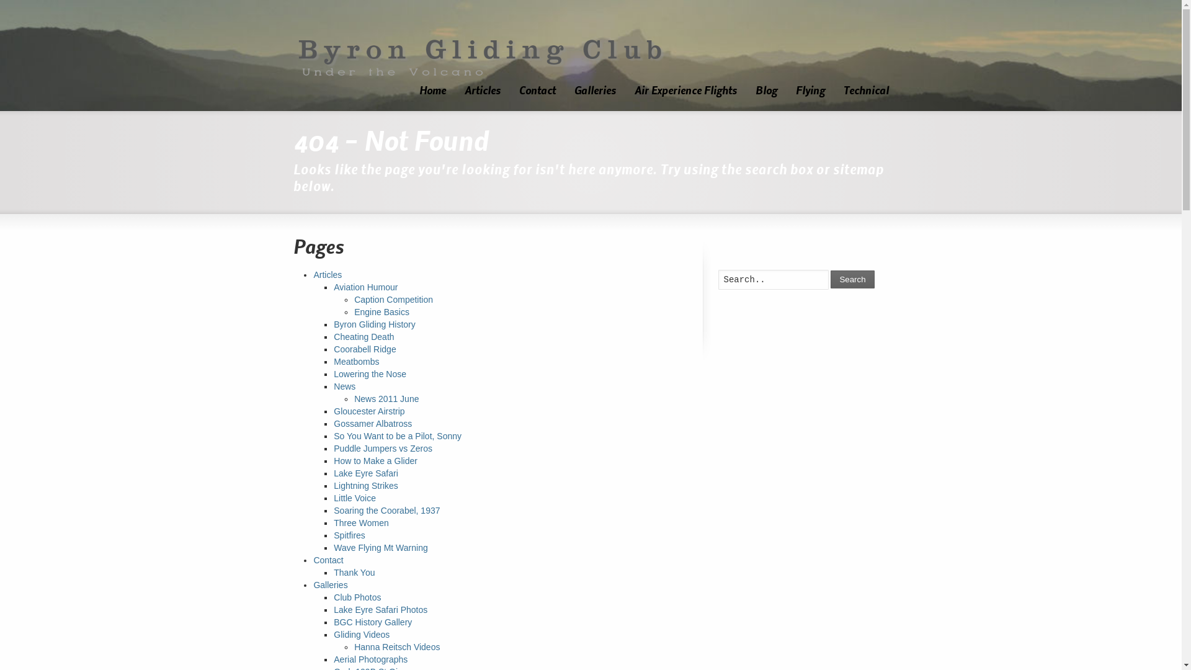 Image resolution: width=1191 pixels, height=670 pixels. What do you see at coordinates (381, 311) in the screenshot?
I see `'Engine Basics'` at bounding box center [381, 311].